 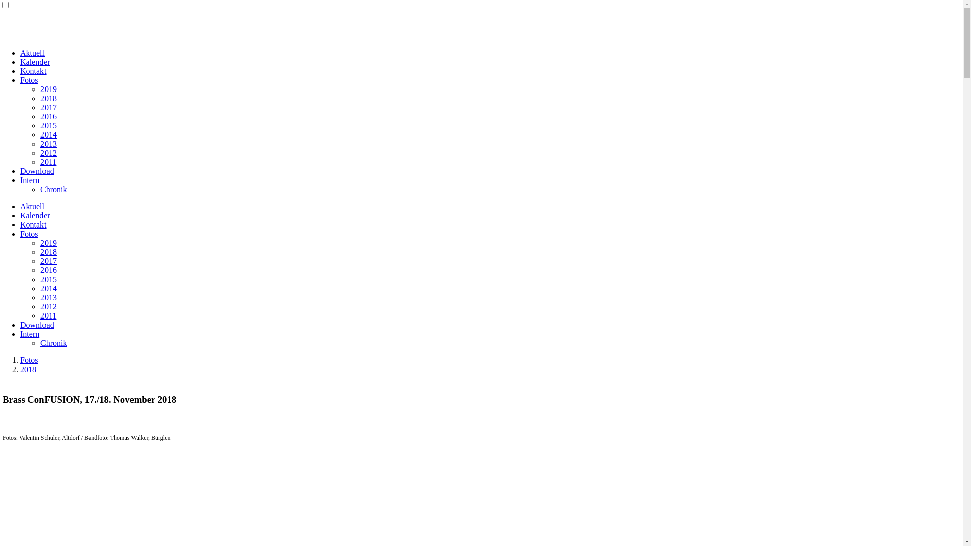 I want to click on 'Fotos', so click(x=29, y=79).